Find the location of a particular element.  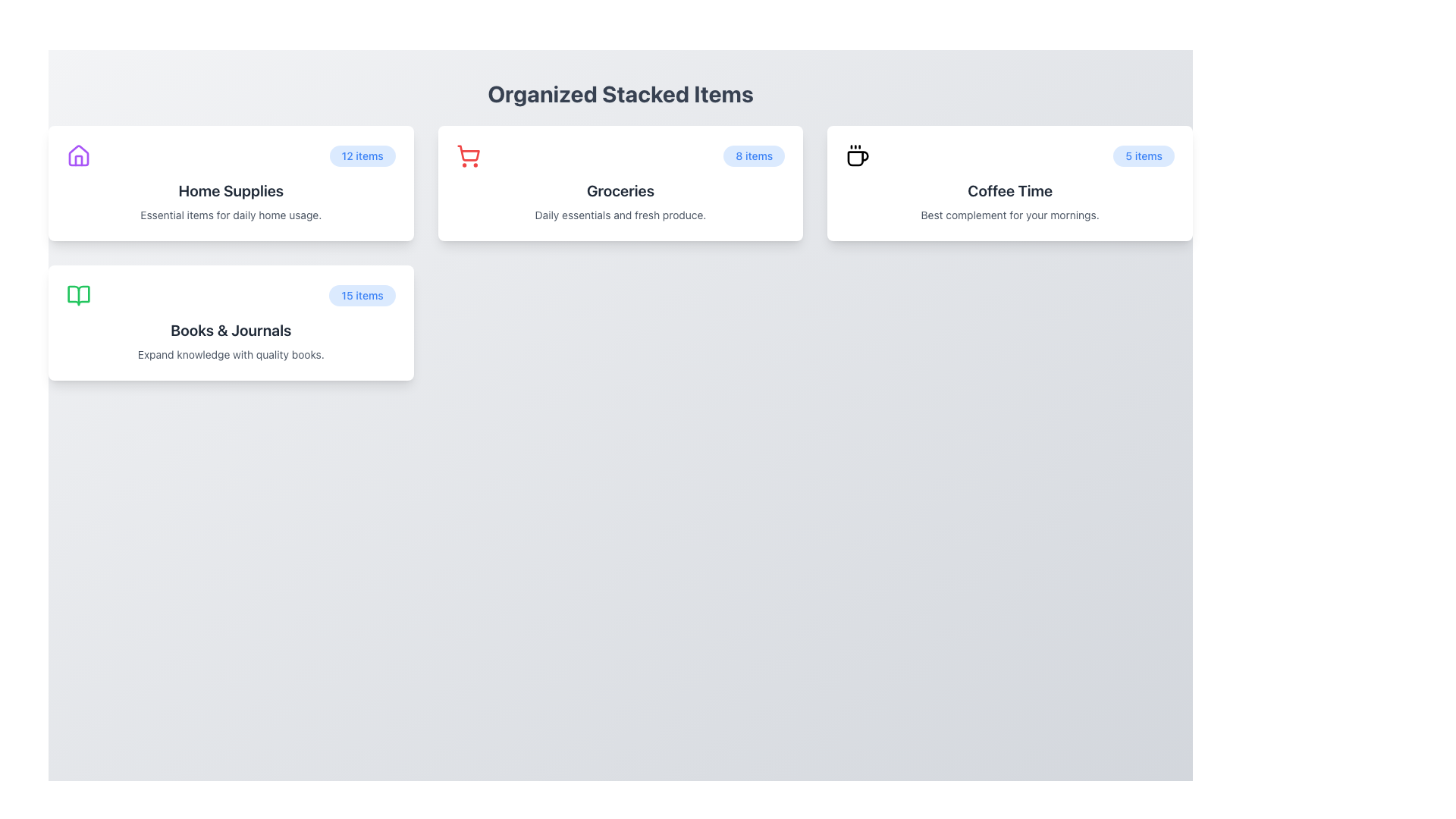

text label that serves as the title for the first card in the grid layout, located centrally below the '12 items' badge and above the description text is located at coordinates (230, 190).